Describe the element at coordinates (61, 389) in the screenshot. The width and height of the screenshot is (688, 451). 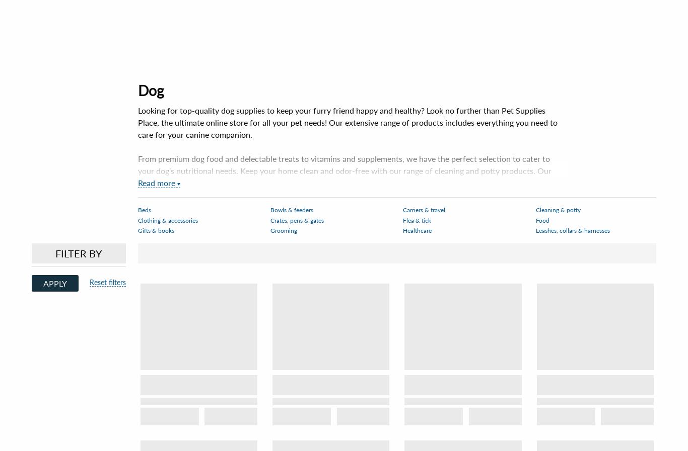
I see `'Shipping & Delivery'` at that location.